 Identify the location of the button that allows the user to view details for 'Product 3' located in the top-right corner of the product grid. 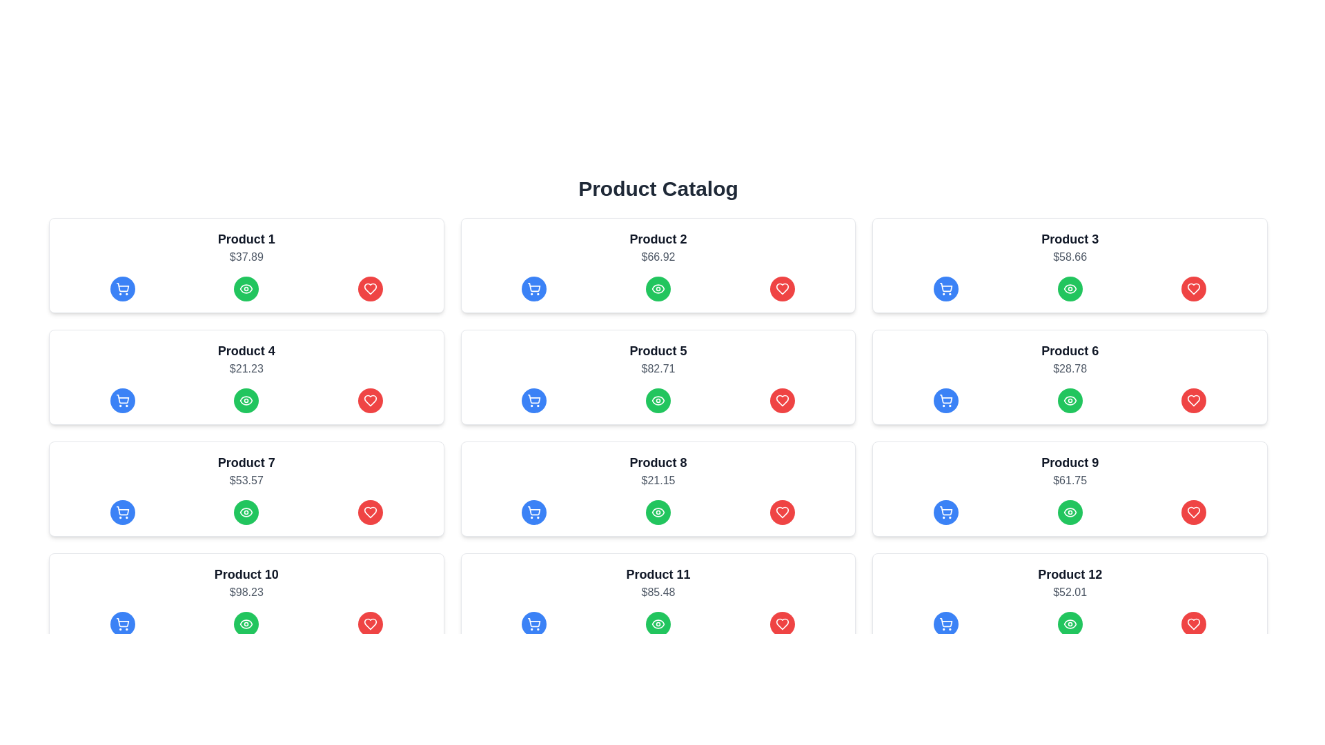
(1069, 288).